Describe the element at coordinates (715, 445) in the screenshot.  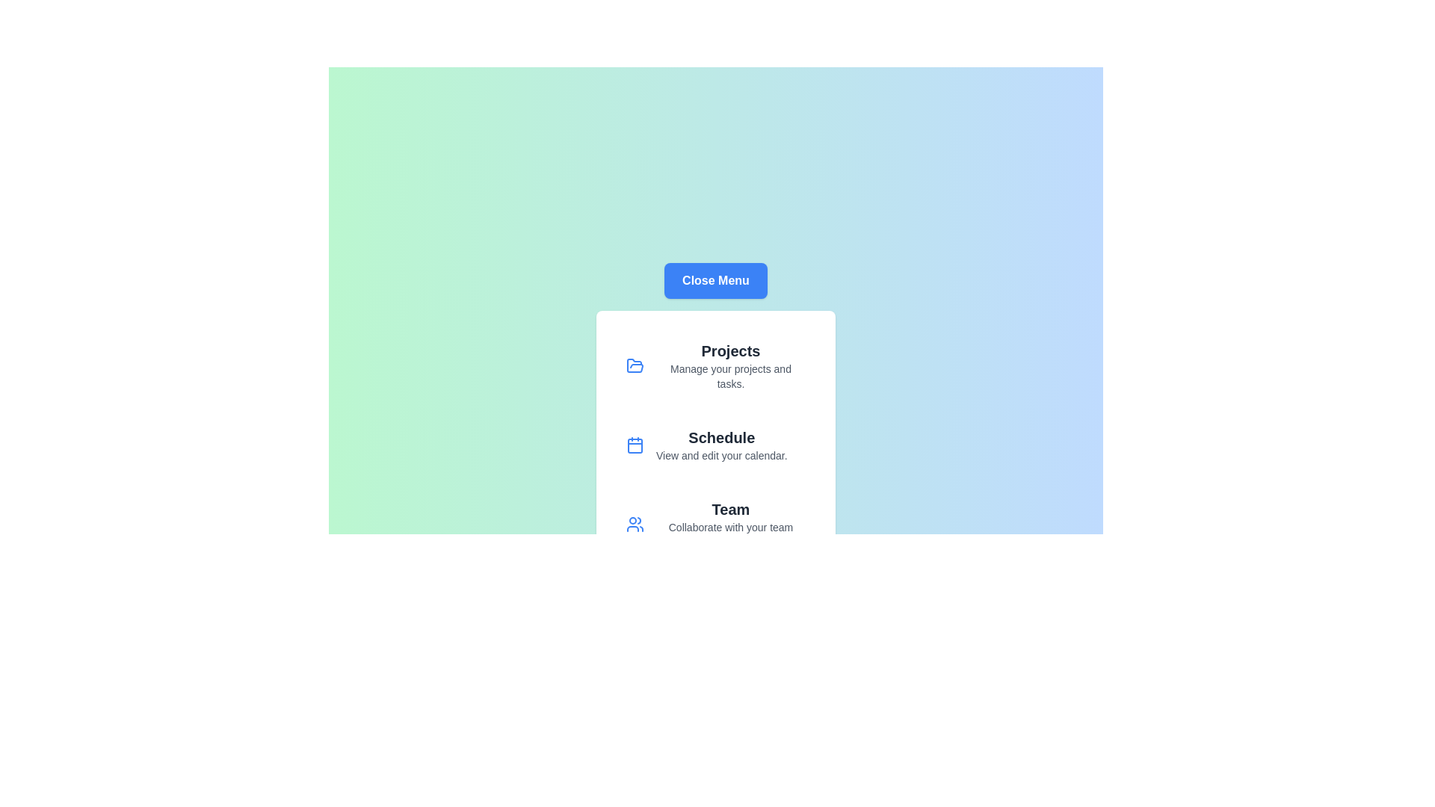
I see `the menu item corresponding to Schedule` at that location.